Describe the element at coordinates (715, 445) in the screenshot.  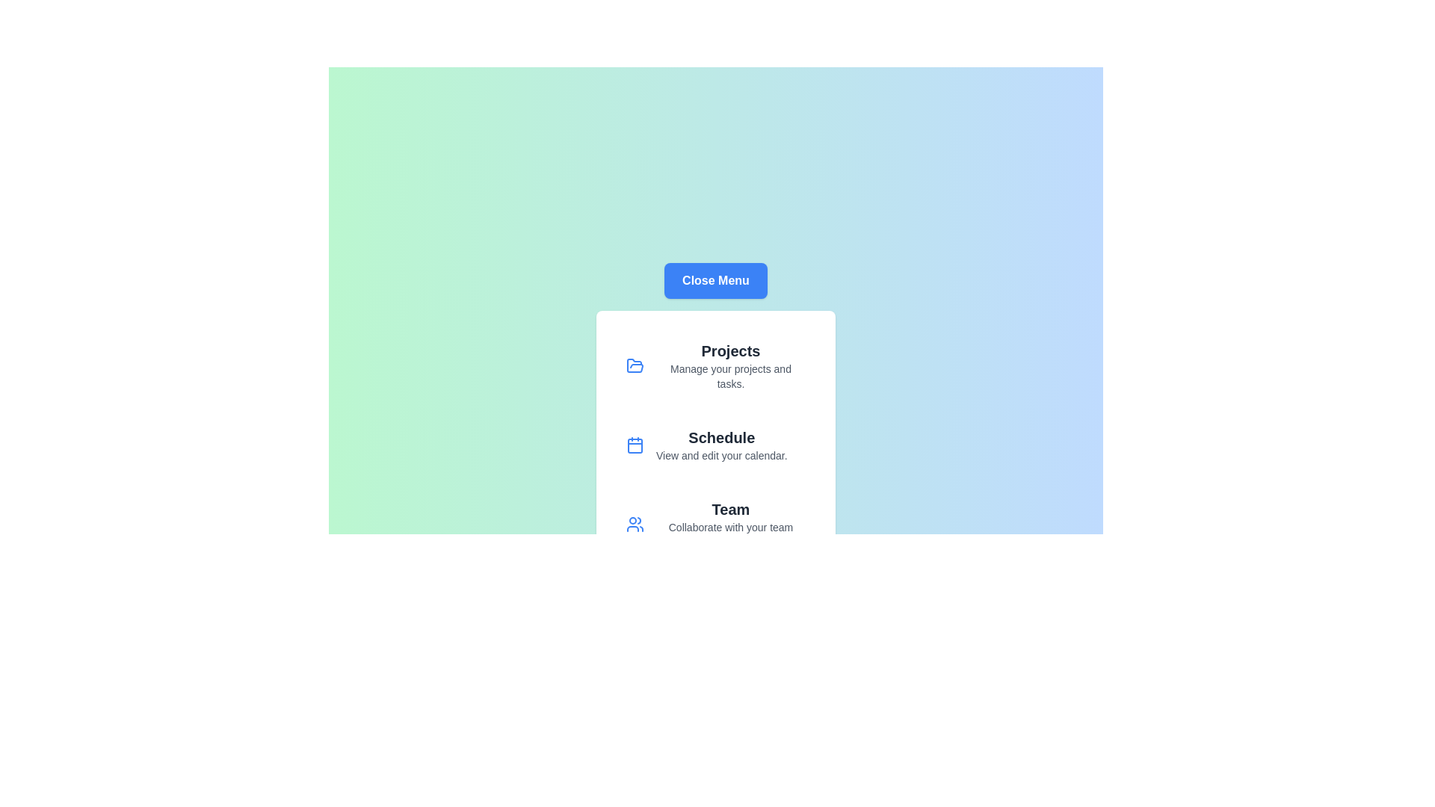
I see `the menu item corresponding to Schedule` at that location.